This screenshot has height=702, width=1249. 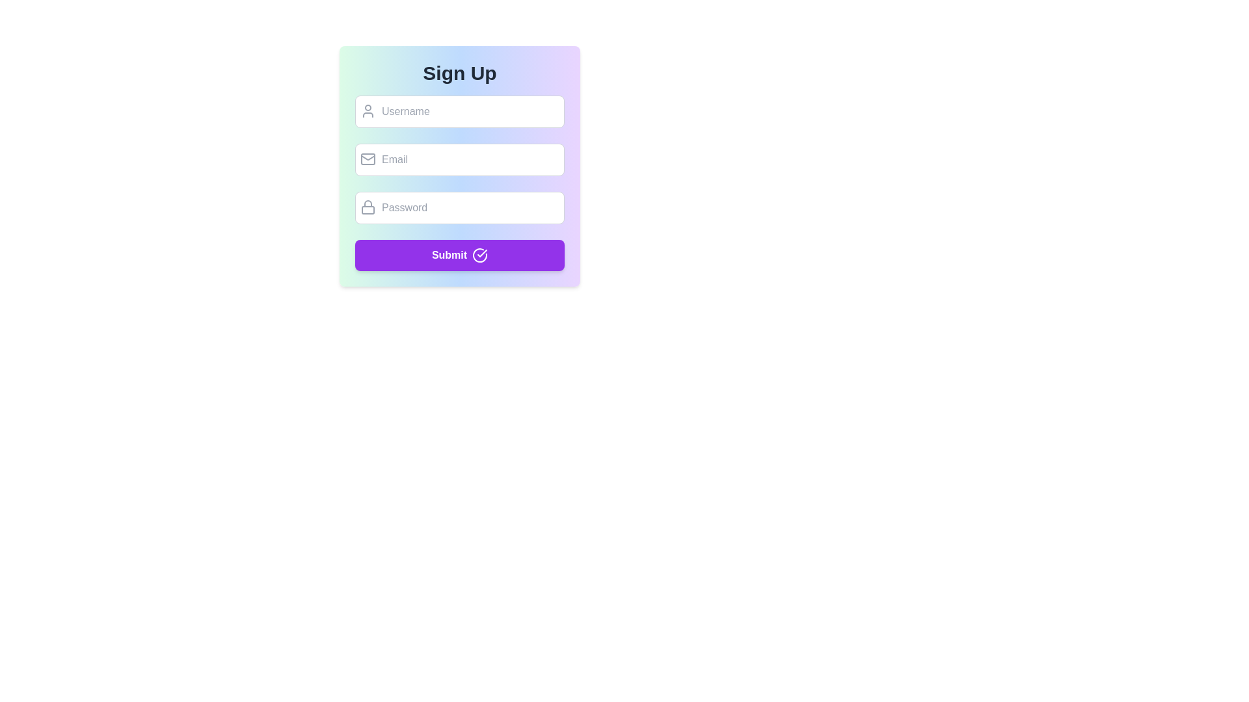 What do you see at coordinates (368, 110) in the screenshot?
I see `the username input icon located to the left of the placeholder text 'Username' in the input field` at bounding box center [368, 110].